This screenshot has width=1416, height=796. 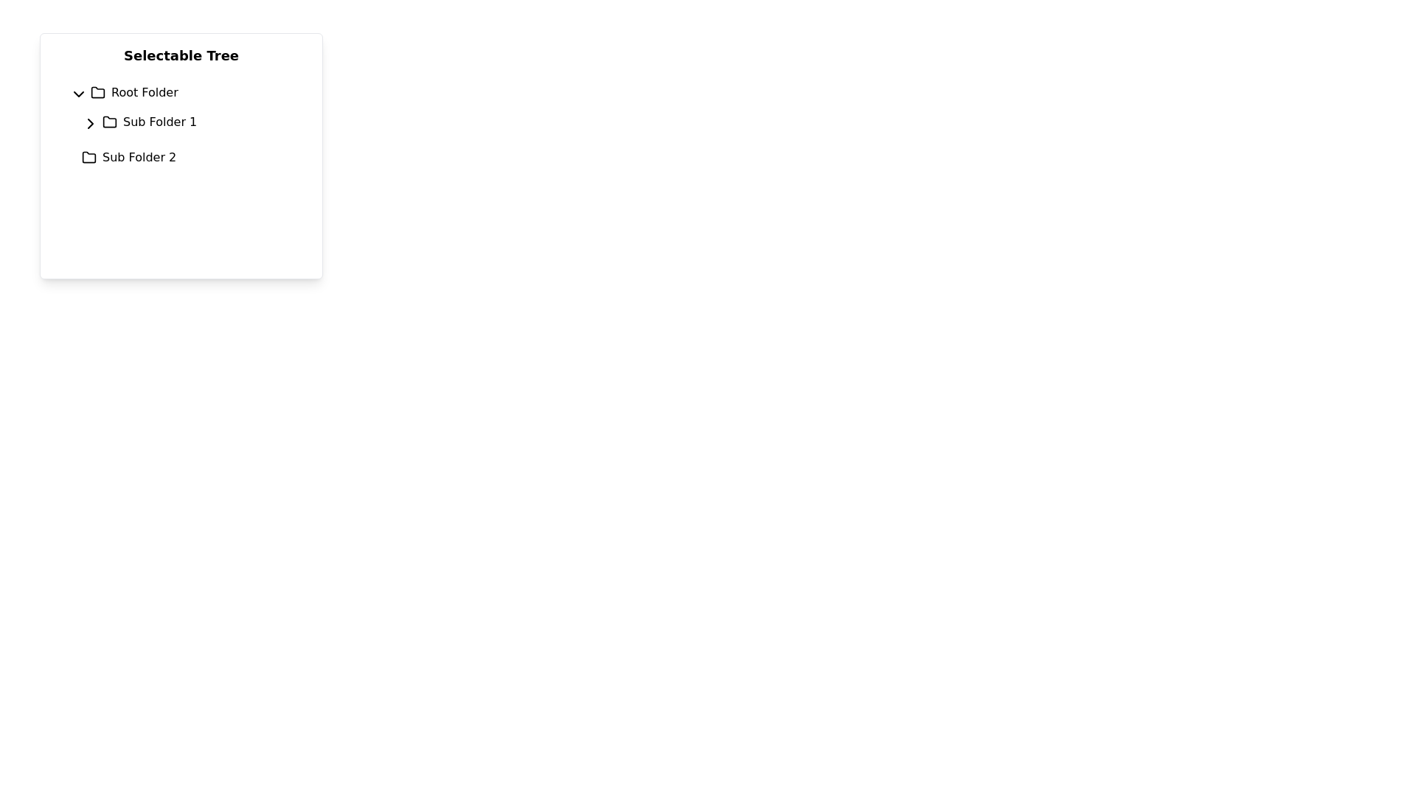 I want to click on the 'Sub Folder 2' label within the folder tree interface, so click(x=139, y=157).